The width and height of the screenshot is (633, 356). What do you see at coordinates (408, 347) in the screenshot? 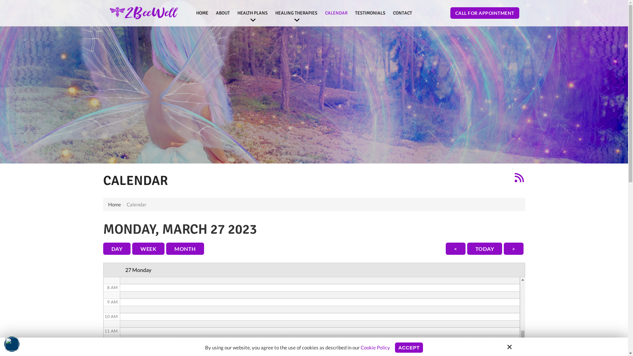
I see `'ACCEPT'` at bounding box center [408, 347].